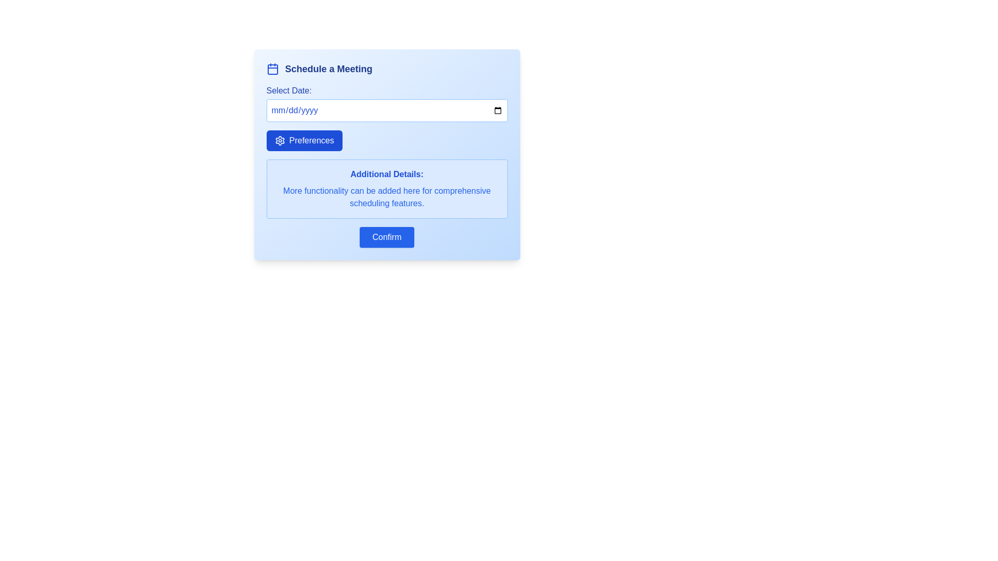 This screenshot has height=561, width=998. I want to click on the heading text 'Schedule a Meeting' which is displayed in bold dark blue font and positioned to the right of the calendar icon in the blue scheduling interface panel, so click(328, 69).